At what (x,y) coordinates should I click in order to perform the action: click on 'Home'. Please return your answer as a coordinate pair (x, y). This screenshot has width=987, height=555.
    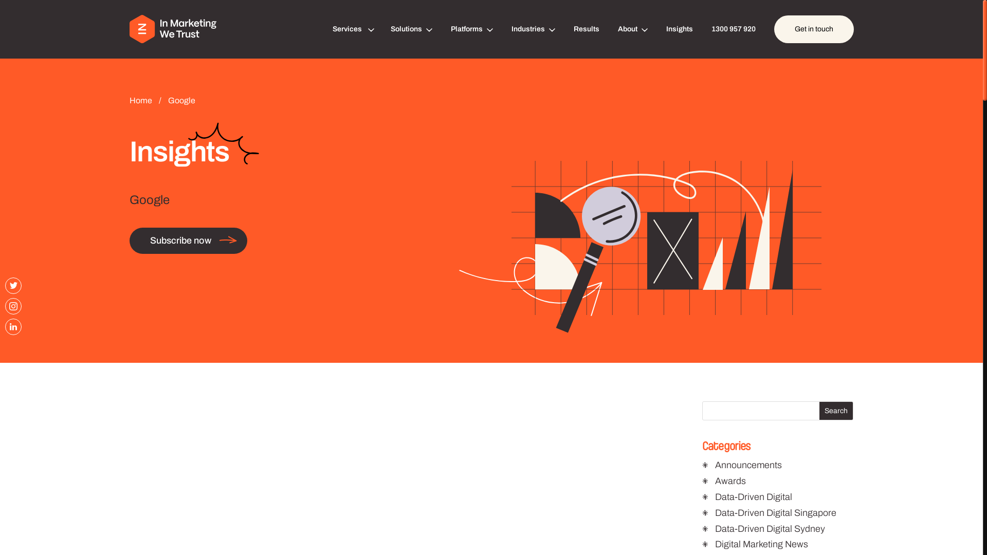
    Looking at the image, I should click on (141, 100).